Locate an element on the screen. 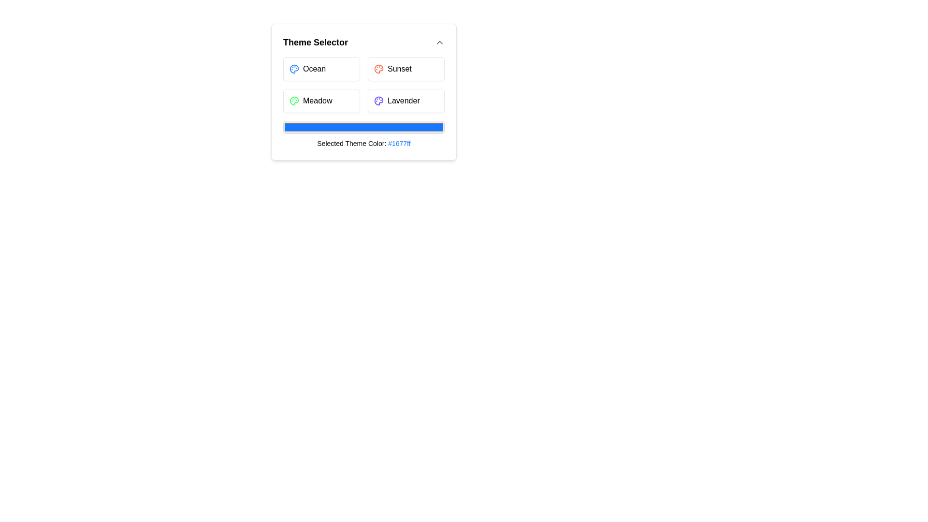 This screenshot has height=522, width=928. the 'Sunset' theme option icon located in the theme selection interface, which is the second button in the top row of four options is located at coordinates (378, 68).